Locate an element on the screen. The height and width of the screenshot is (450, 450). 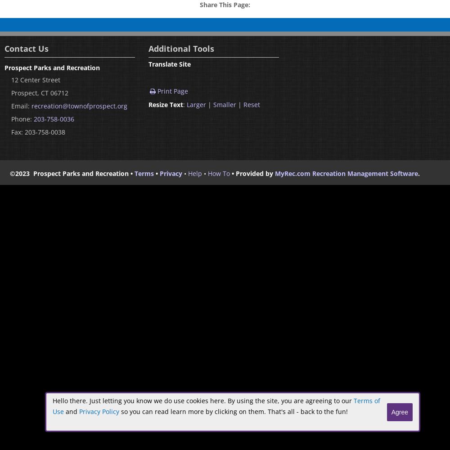
'Email:' is located at coordinates (11, 105).